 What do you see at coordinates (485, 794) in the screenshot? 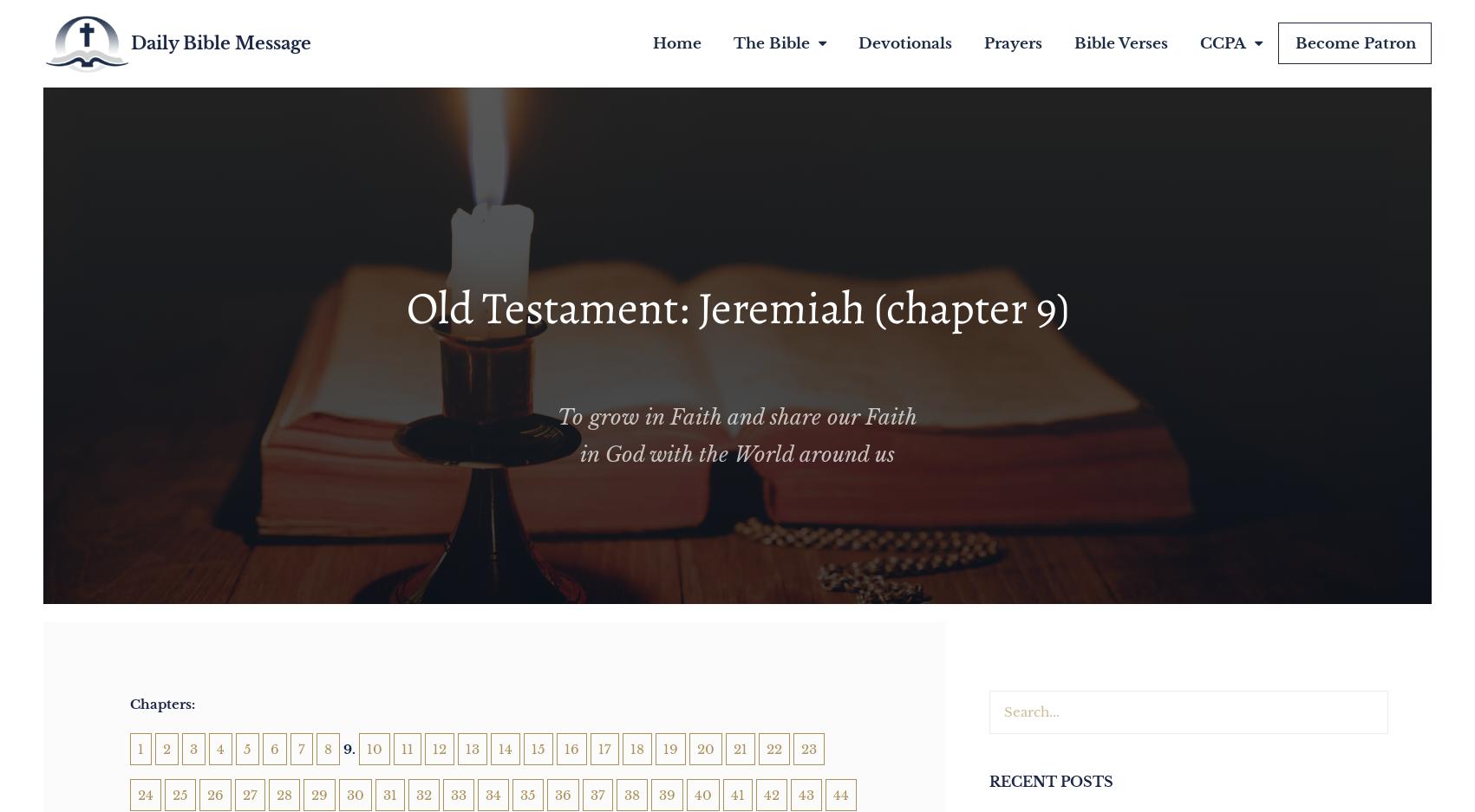
I see `'34'` at bounding box center [485, 794].